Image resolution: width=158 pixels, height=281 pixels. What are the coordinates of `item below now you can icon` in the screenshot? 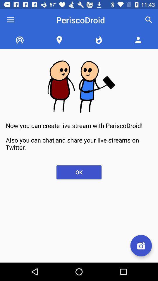 It's located at (79, 172).